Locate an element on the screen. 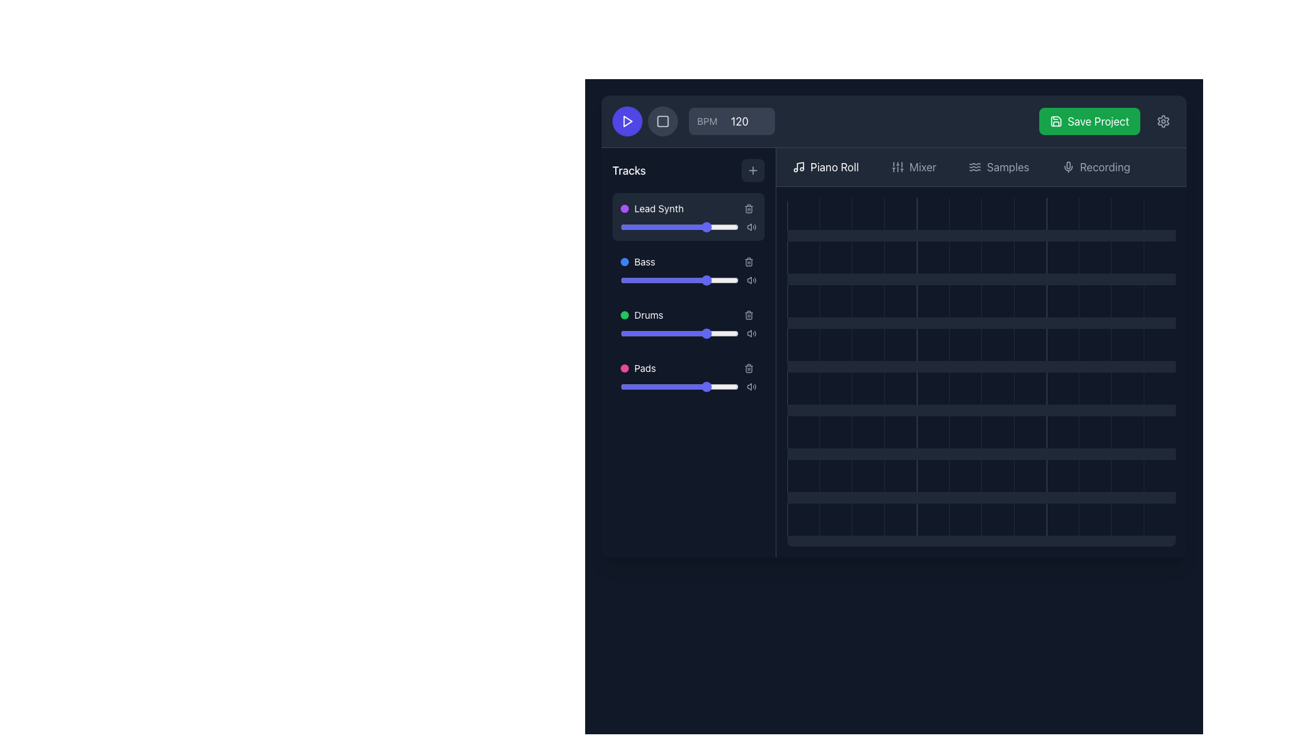 The width and height of the screenshot is (1311, 737). the slider value is located at coordinates (686, 334).